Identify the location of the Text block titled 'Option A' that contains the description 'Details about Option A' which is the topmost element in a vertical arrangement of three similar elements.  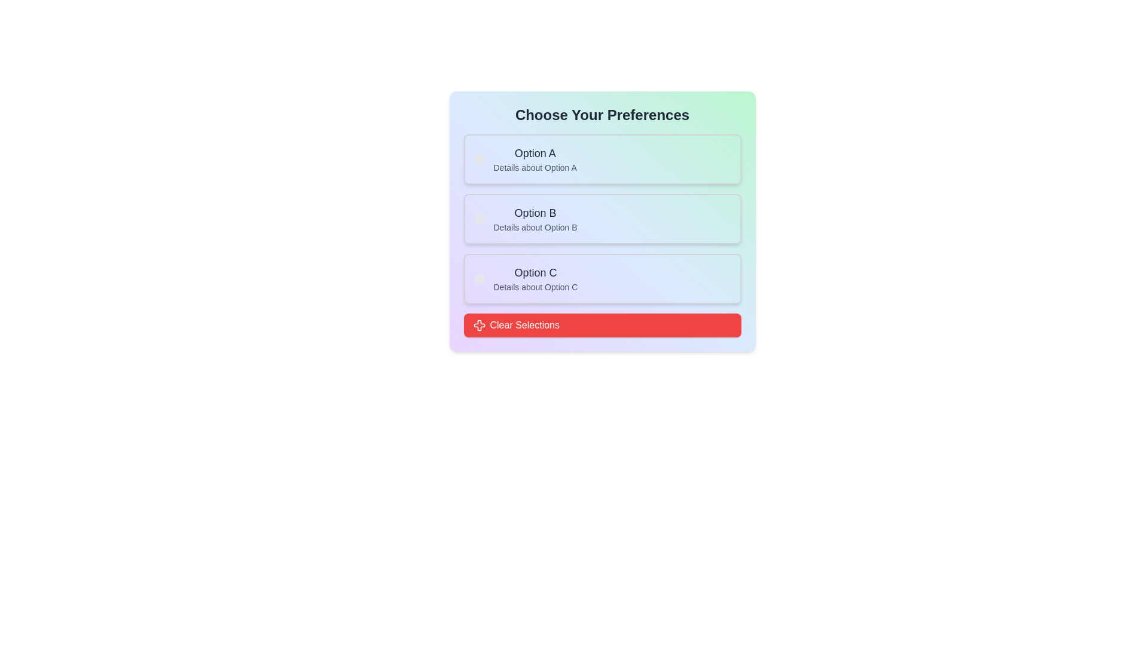
(535, 158).